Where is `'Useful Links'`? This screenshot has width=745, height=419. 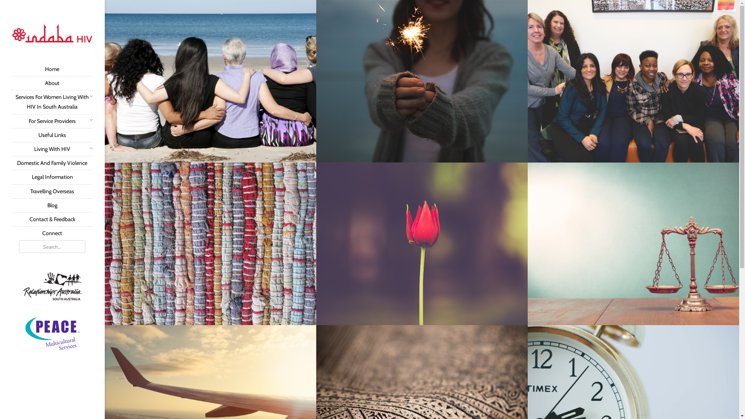 'Useful Links' is located at coordinates (52, 134).